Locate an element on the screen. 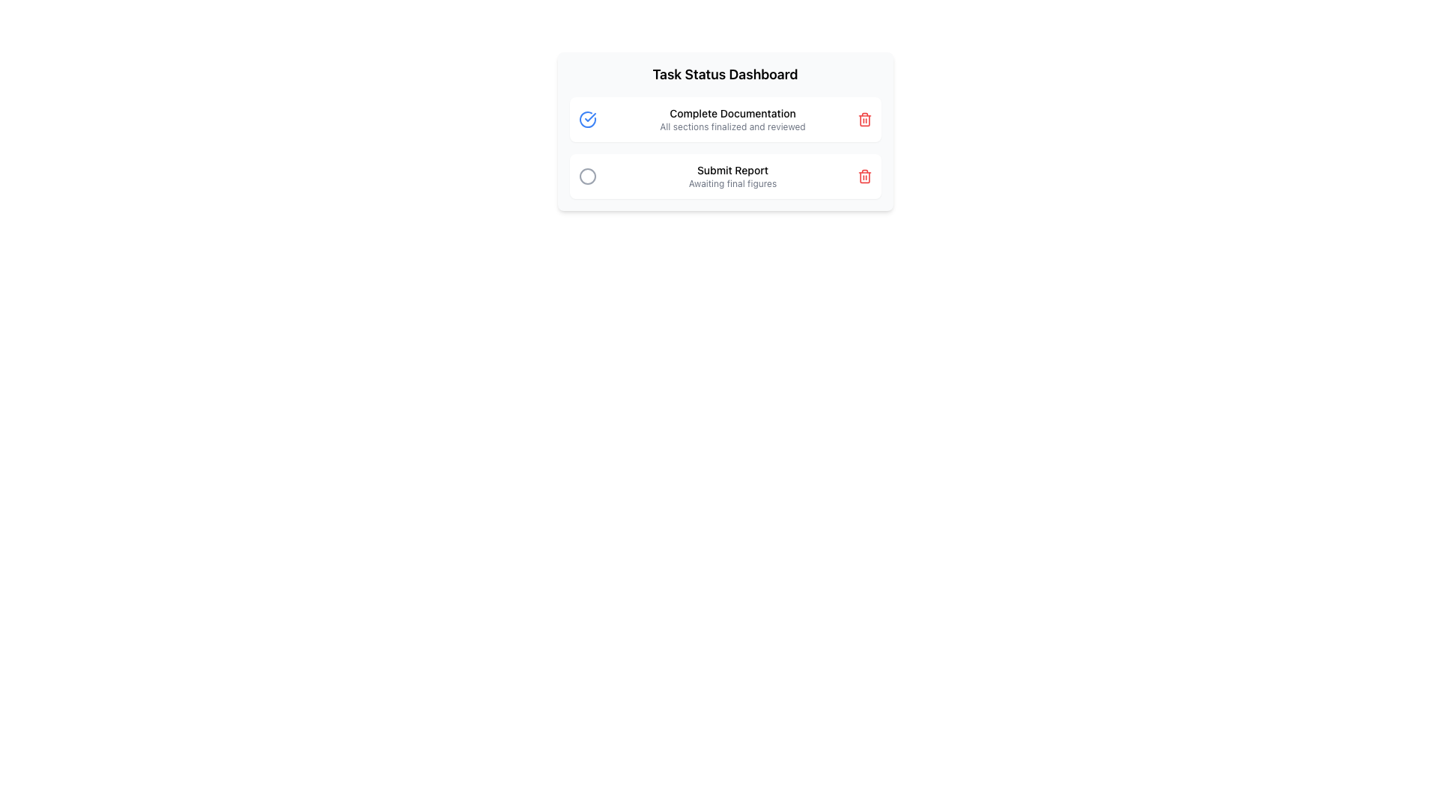  the trash bin icon button located on the right side of the 'Submit Report' row is located at coordinates (864, 175).